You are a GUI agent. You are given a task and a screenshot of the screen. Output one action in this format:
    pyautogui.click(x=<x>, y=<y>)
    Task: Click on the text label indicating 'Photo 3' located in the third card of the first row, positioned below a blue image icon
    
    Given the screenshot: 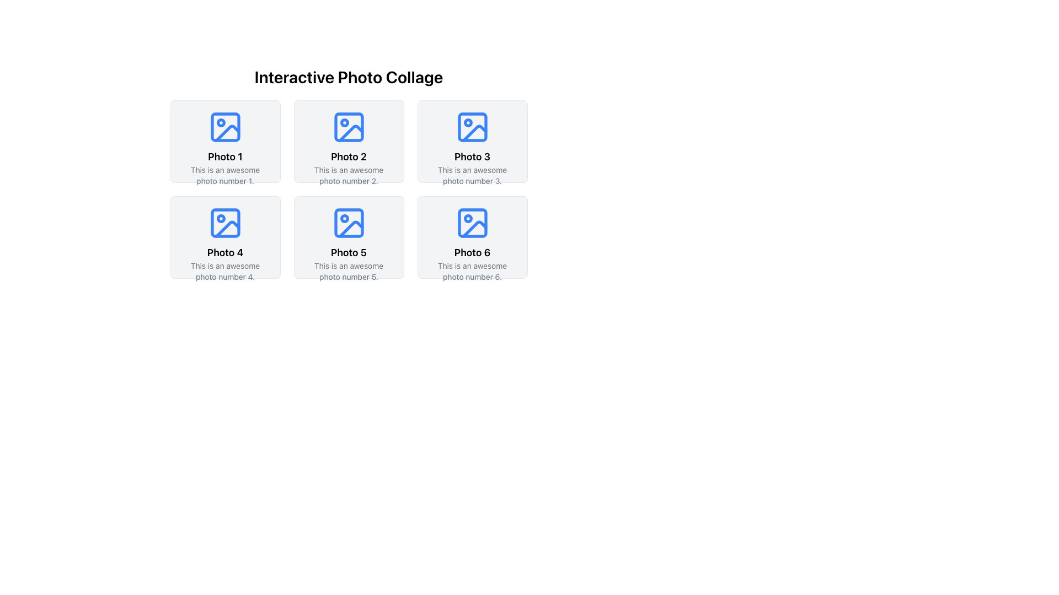 What is the action you would take?
    pyautogui.click(x=472, y=157)
    